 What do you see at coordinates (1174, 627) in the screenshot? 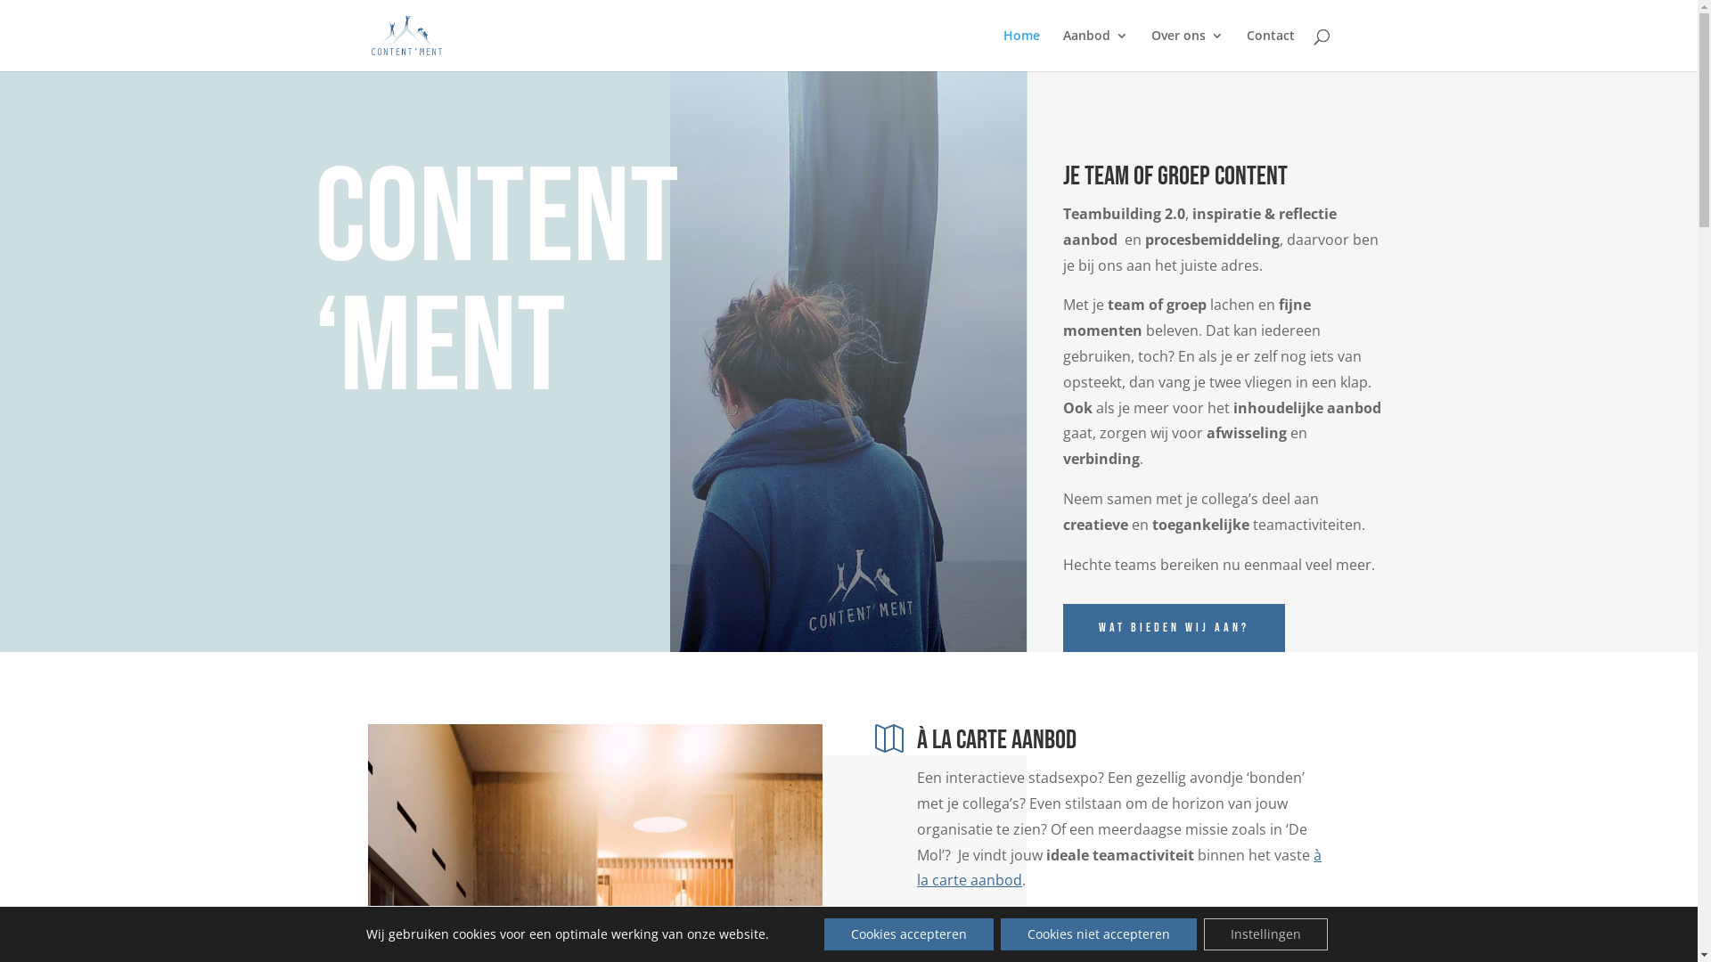
I see `'Wat bieden wij aan?'` at bounding box center [1174, 627].